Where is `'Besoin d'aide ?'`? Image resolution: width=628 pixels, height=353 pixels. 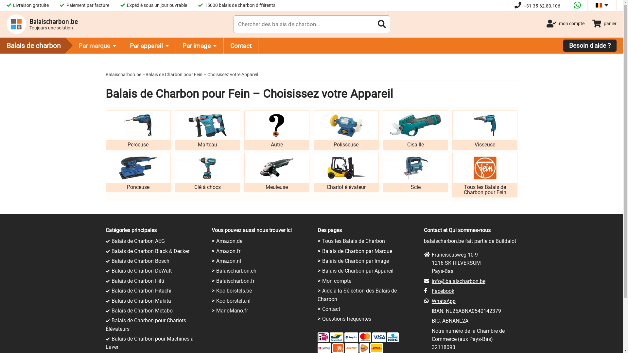 'Besoin d'aide ?' is located at coordinates (590, 45).